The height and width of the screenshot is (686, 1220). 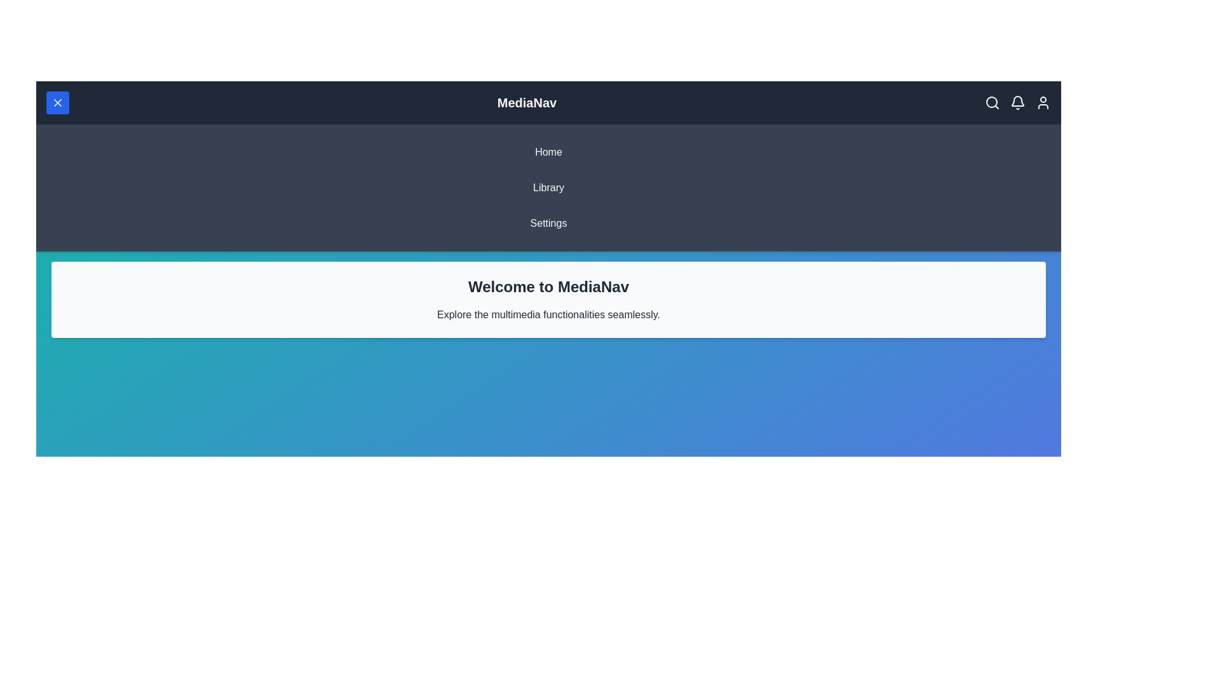 What do you see at coordinates (991, 102) in the screenshot?
I see `the 'Search' icon in the app bar` at bounding box center [991, 102].